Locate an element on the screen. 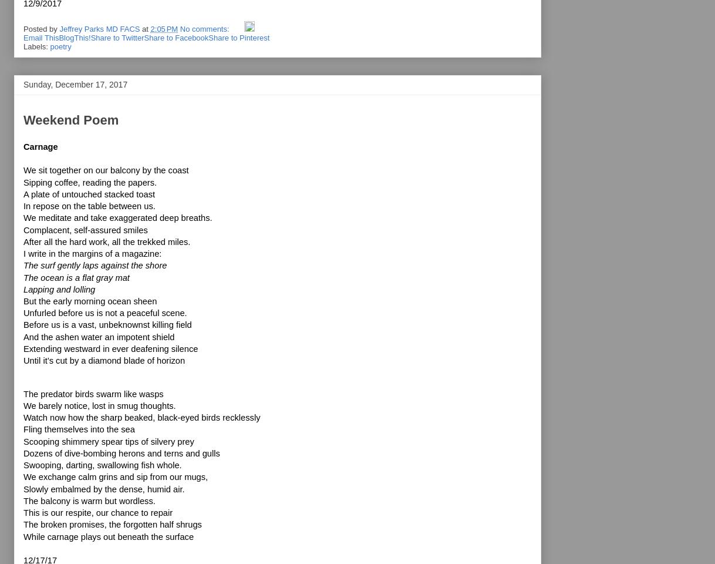 This screenshot has width=715, height=564. 'The surf gently laps against the shore' is located at coordinates (94, 265).